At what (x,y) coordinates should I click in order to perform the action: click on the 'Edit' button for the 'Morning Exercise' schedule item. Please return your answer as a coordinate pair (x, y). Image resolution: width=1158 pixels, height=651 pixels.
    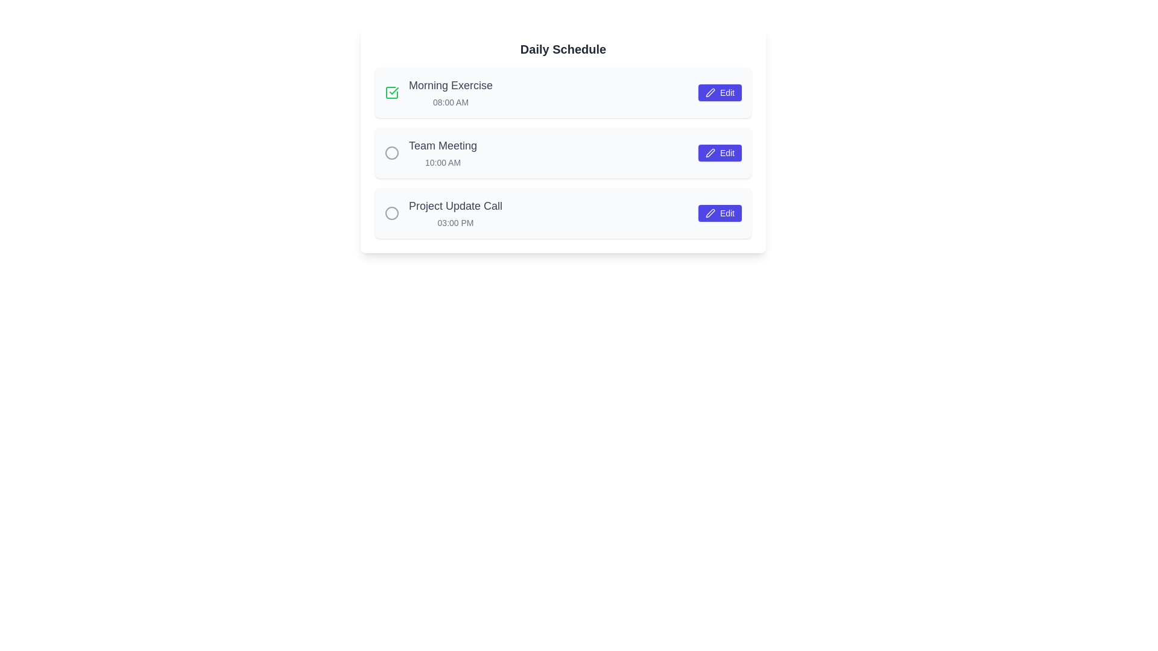
    Looking at the image, I should click on (720, 92).